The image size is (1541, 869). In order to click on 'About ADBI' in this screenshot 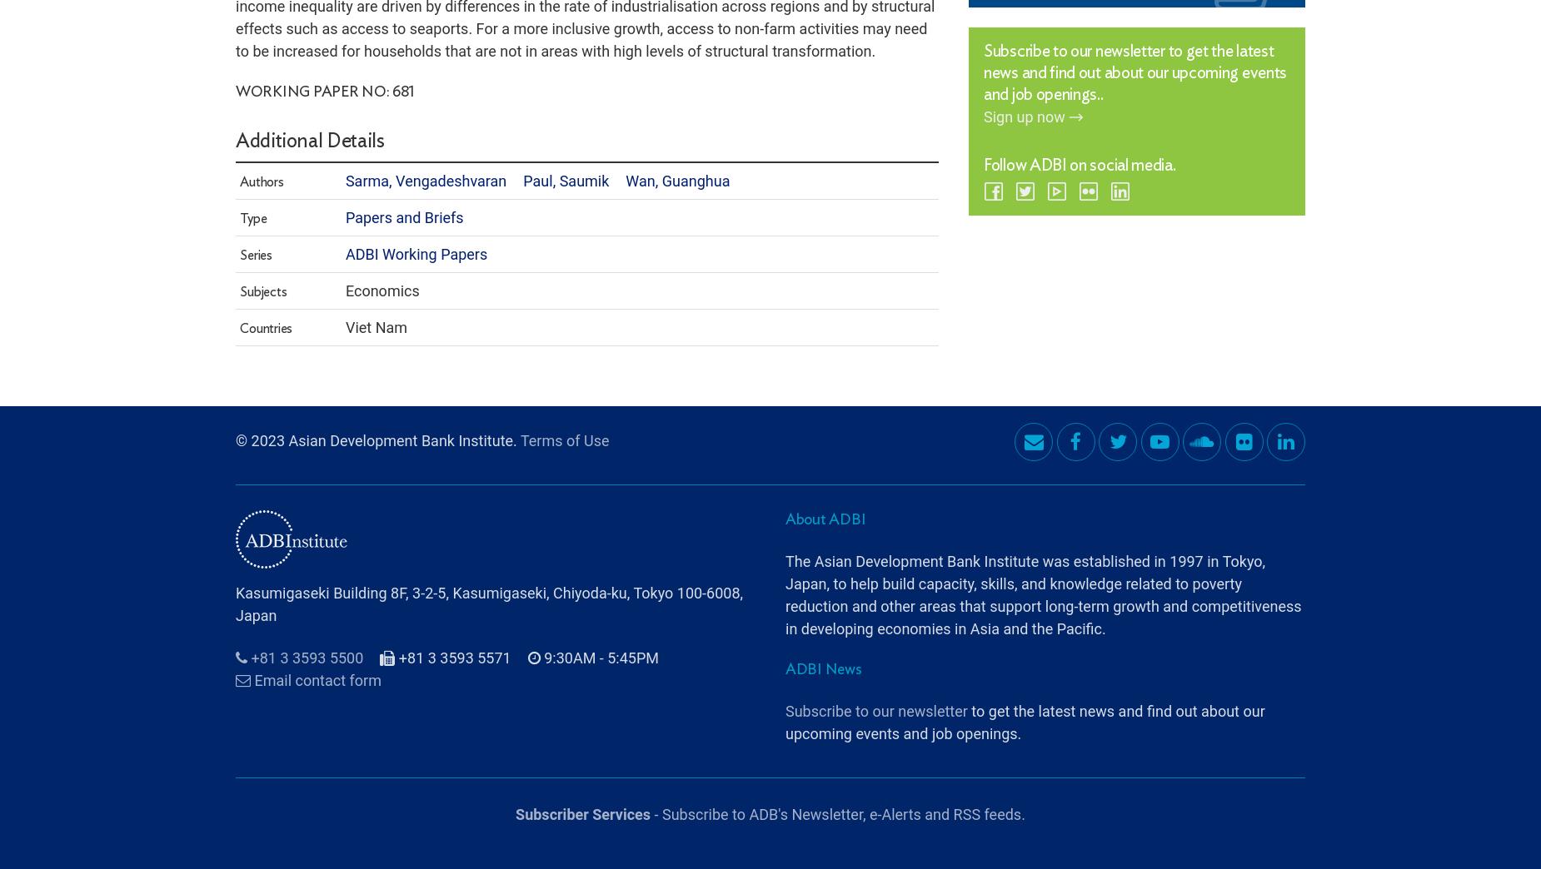, I will do `click(825, 473)`.